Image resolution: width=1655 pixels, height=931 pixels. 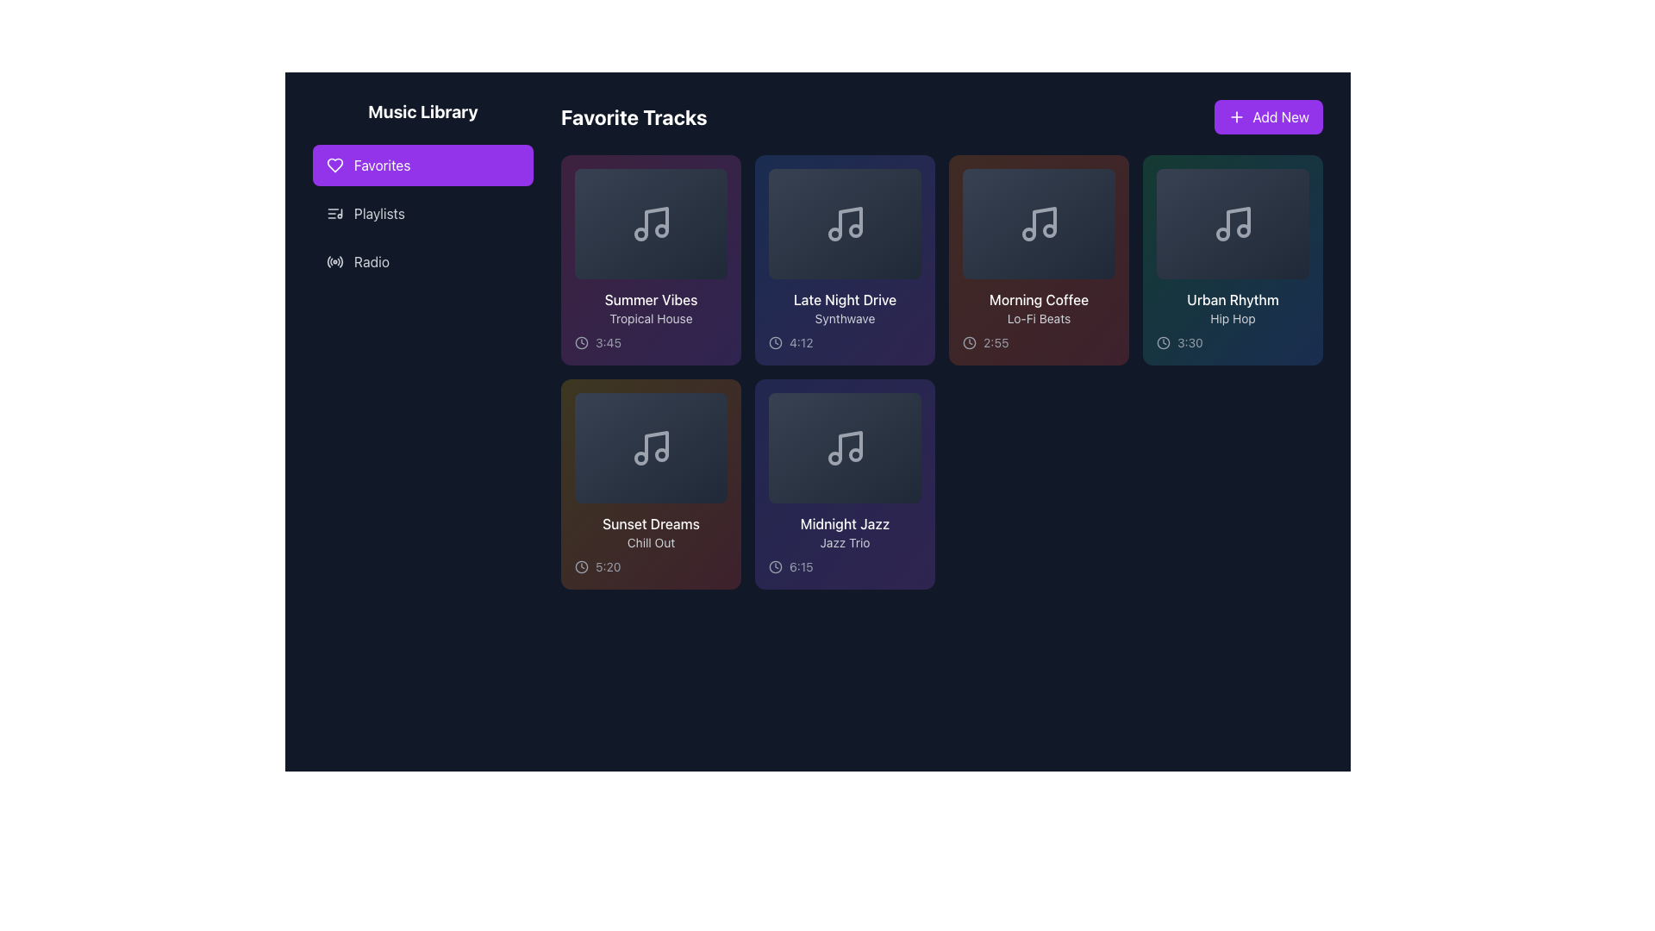 What do you see at coordinates (845, 298) in the screenshot?
I see `the text label displaying the track title, located centrally in the lower portion of the second card from the left in the top row of the 'Favorite Tracks' section` at bounding box center [845, 298].